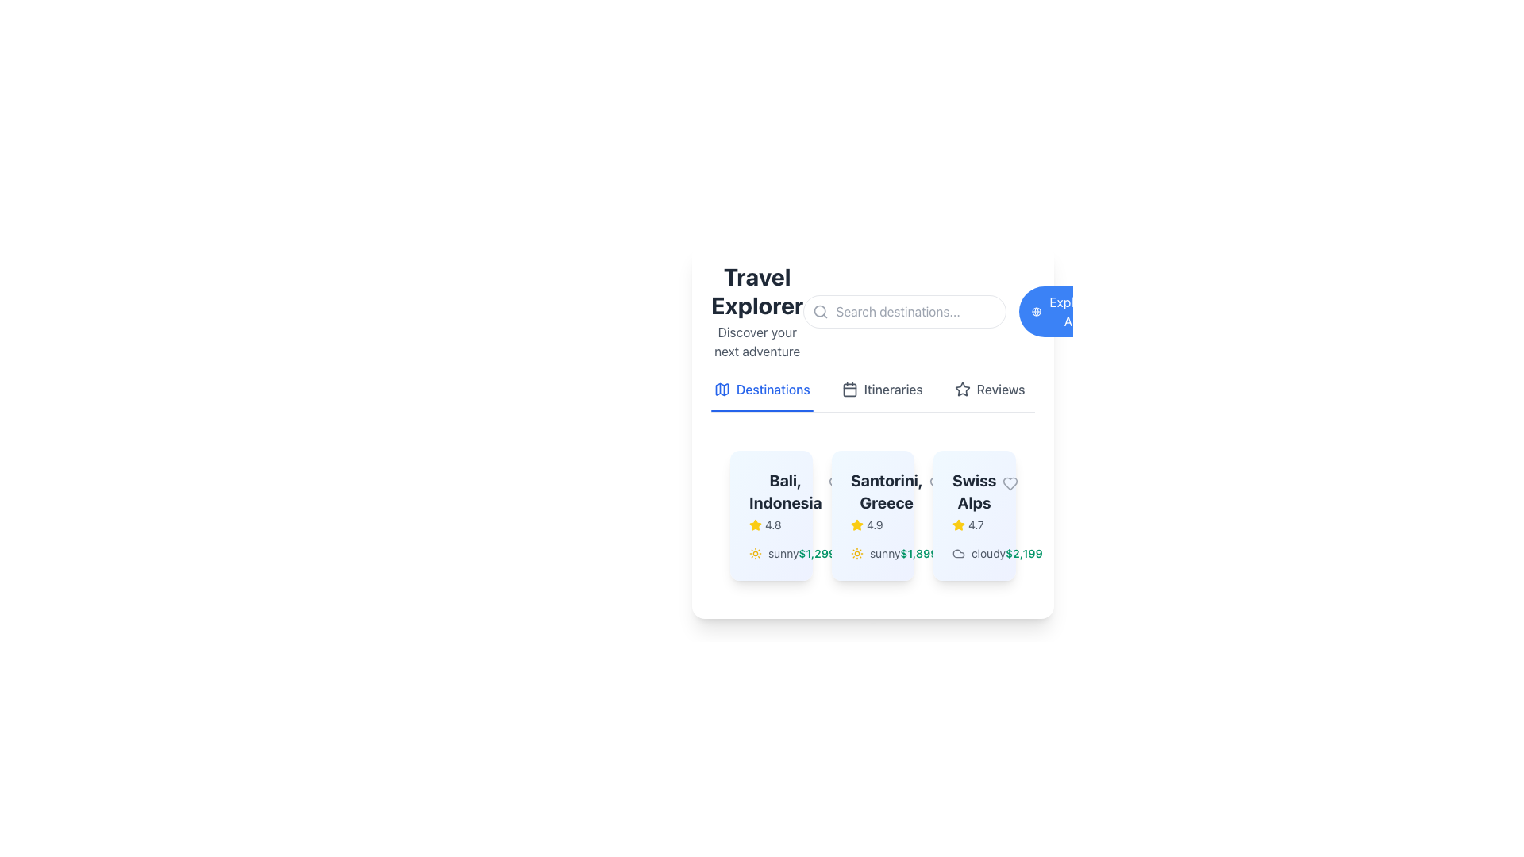 This screenshot has height=857, width=1524. What do you see at coordinates (974, 516) in the screenshot?
I see `the Information Card displaying 'Swiss Alps', which is the third card in the grid under the 'Destinations' tab of the 'Travel Explorer' interface` at bounding box center [974, 516].